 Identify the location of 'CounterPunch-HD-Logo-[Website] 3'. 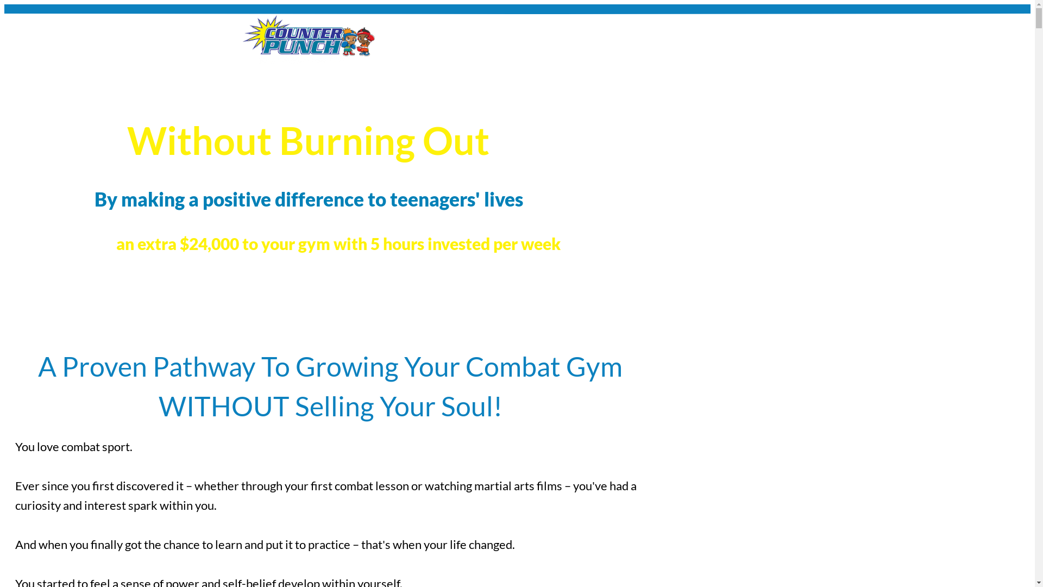
(307, 39).